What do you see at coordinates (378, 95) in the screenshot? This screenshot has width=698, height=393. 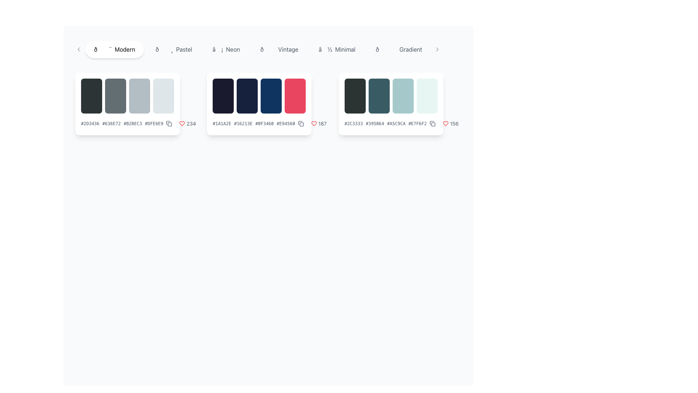 I see `the second decorative box in the color palette display, which visually represents one of the colors and is situated between a darker gray box and a lighter teal box` at bounding box center [378, 95].